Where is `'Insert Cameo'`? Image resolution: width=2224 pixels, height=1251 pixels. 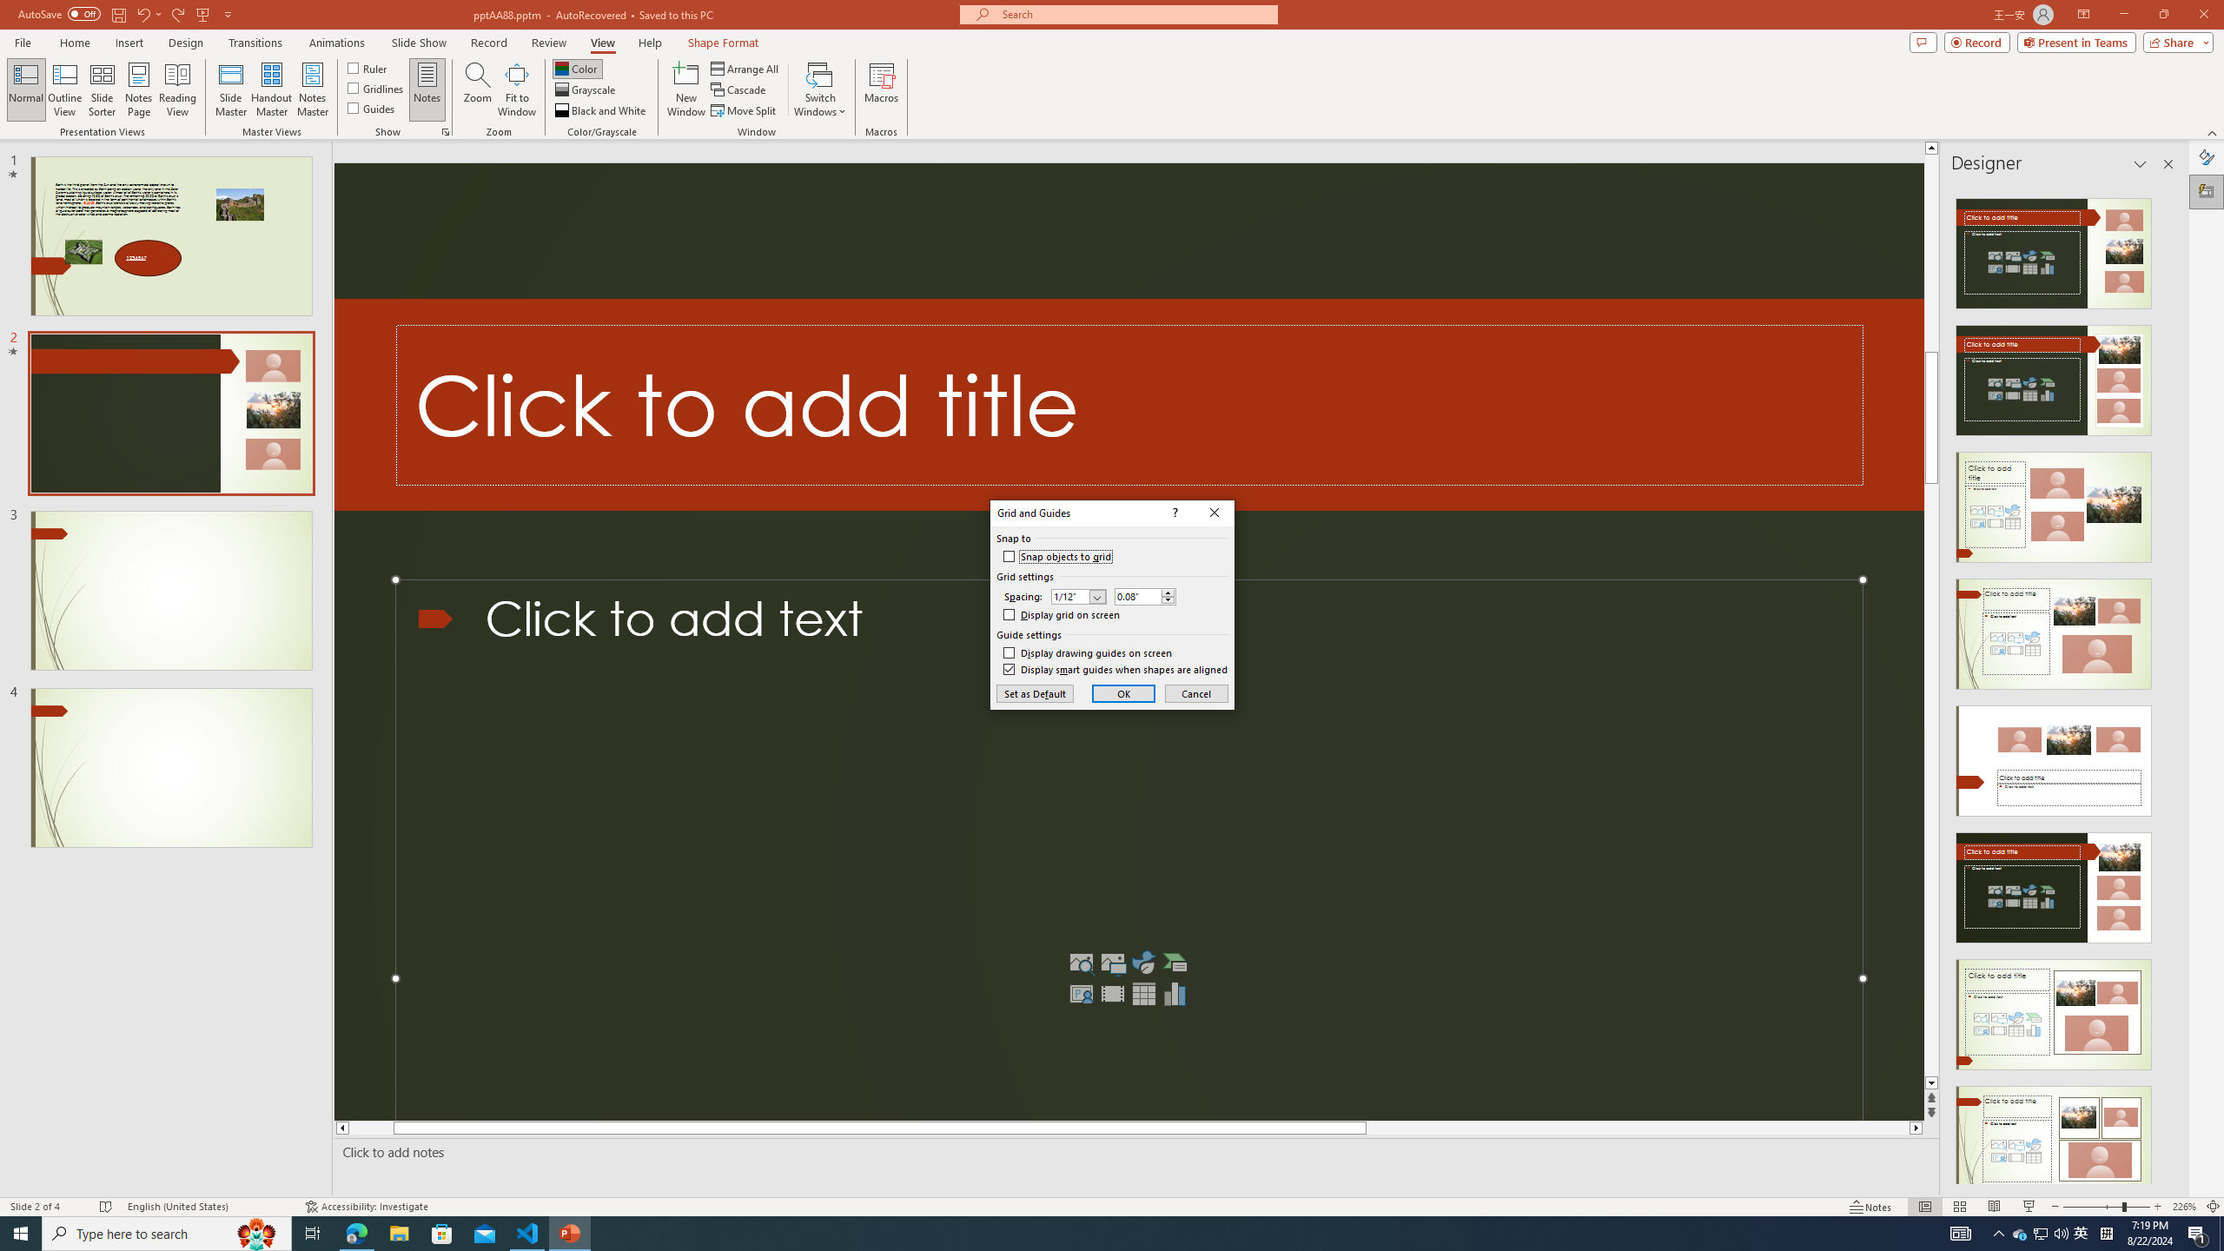 'Insert Cameo' is located at coordinates (1081, 994).